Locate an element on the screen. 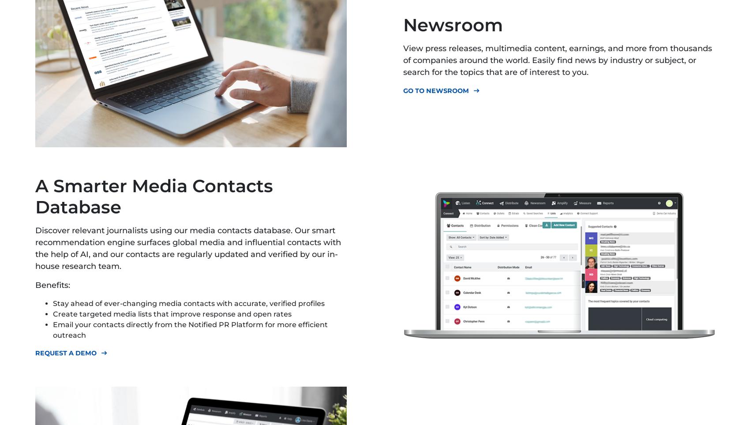 This screenshot has height=425, width=750. 'Email your contacts directly from the Notified PR Platform for more efficient outreach' is located at coordinates (190, 329).